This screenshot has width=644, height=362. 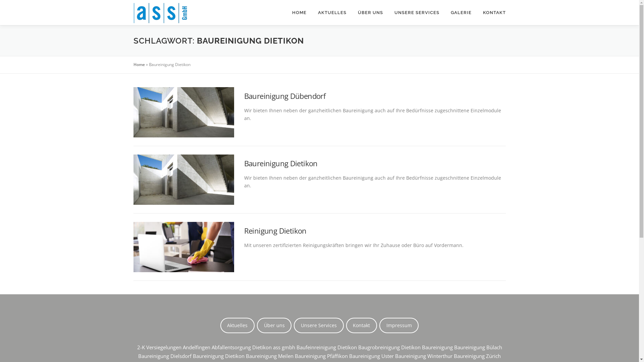 What do you see at coordinates (318, 325) in the screenshot?
I see `'Unsere Services'` at bounding box center [318, 325].